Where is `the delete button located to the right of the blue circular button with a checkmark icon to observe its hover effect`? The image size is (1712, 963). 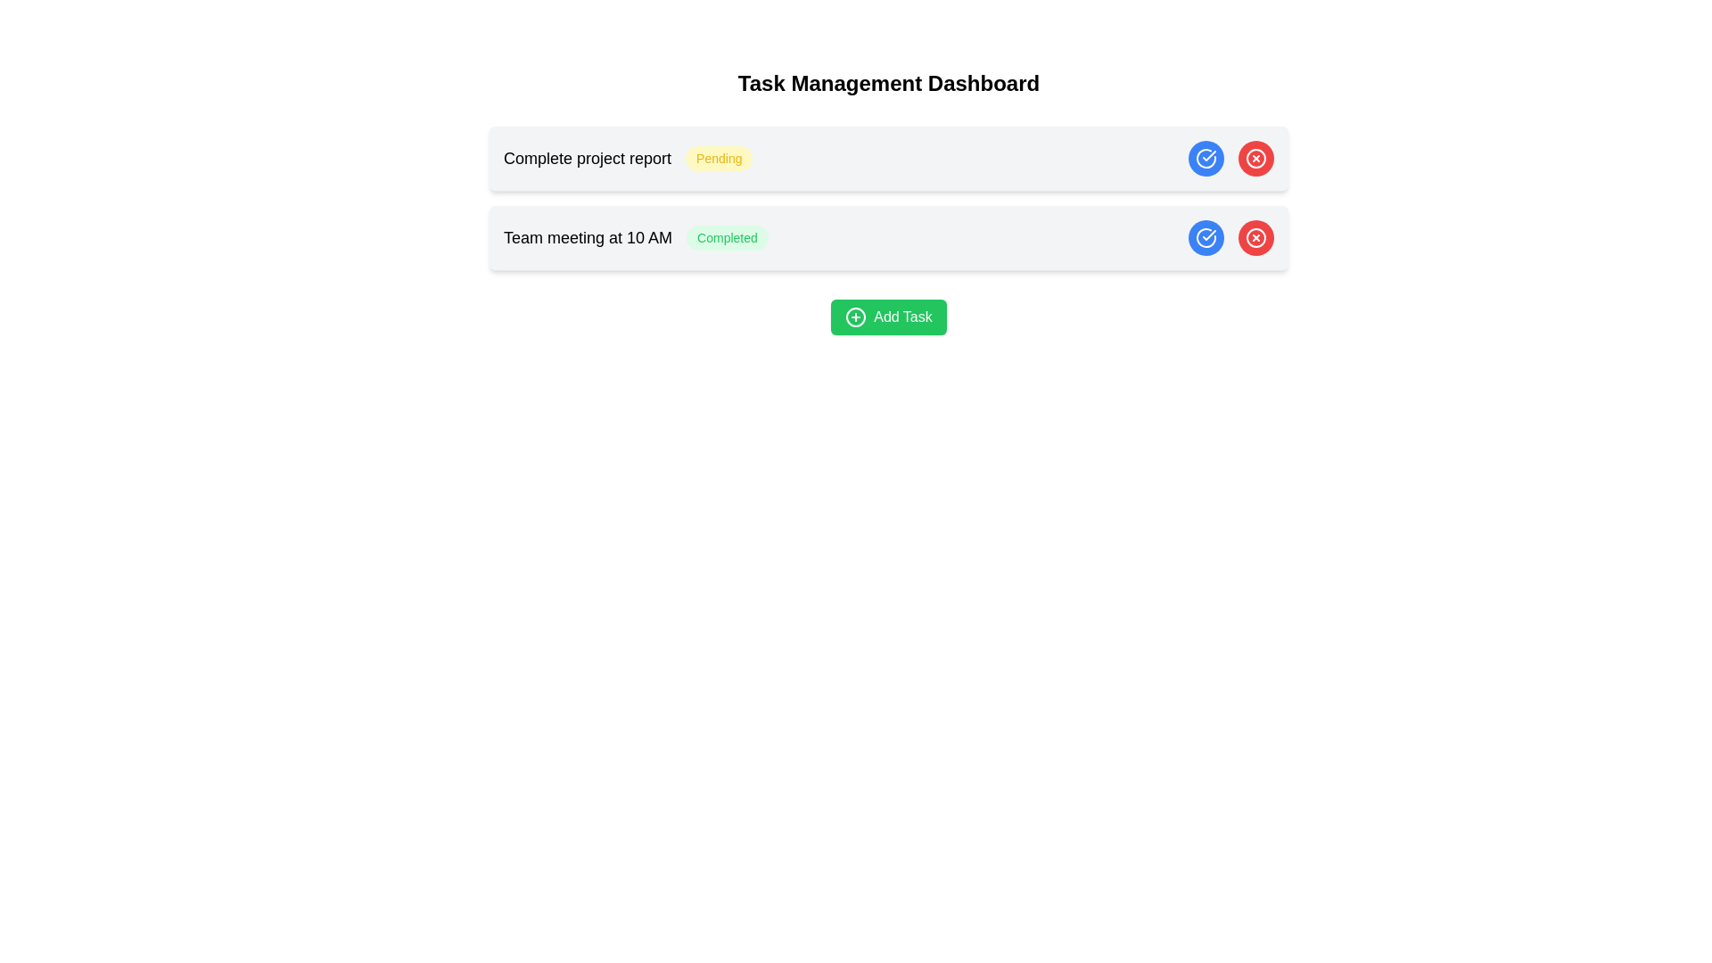
the delete button located to the right of the blue circular button with a checkmark icon to observe its hover effect is located at coordinates (1255, 236).